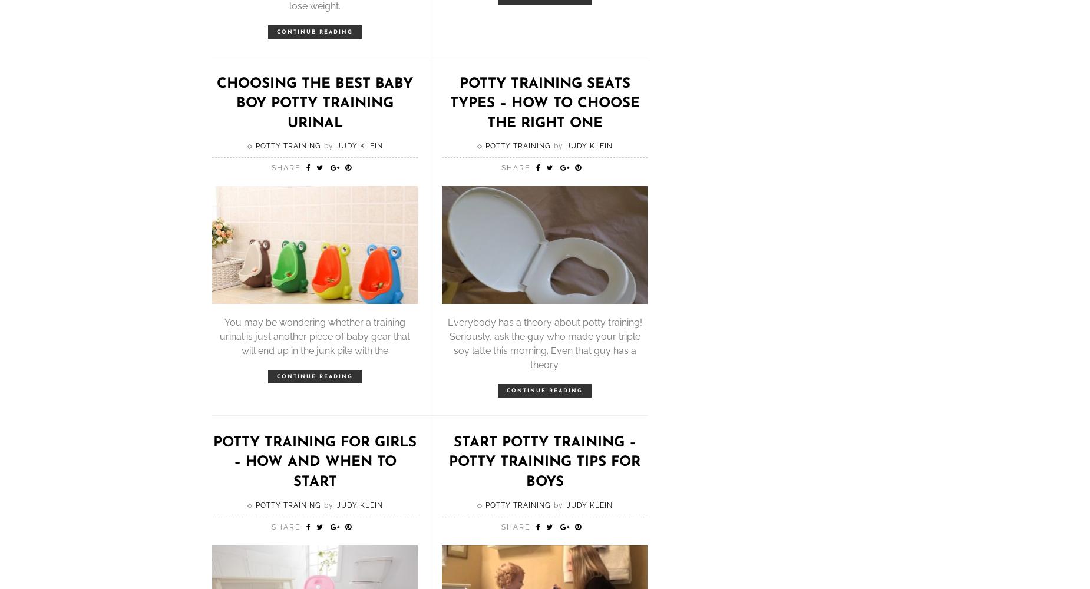  Describe the element at coordinates (544, 462) in the screenshot. I see `'Start Potty Training – Potty Training Tips for Boys'` at that location.